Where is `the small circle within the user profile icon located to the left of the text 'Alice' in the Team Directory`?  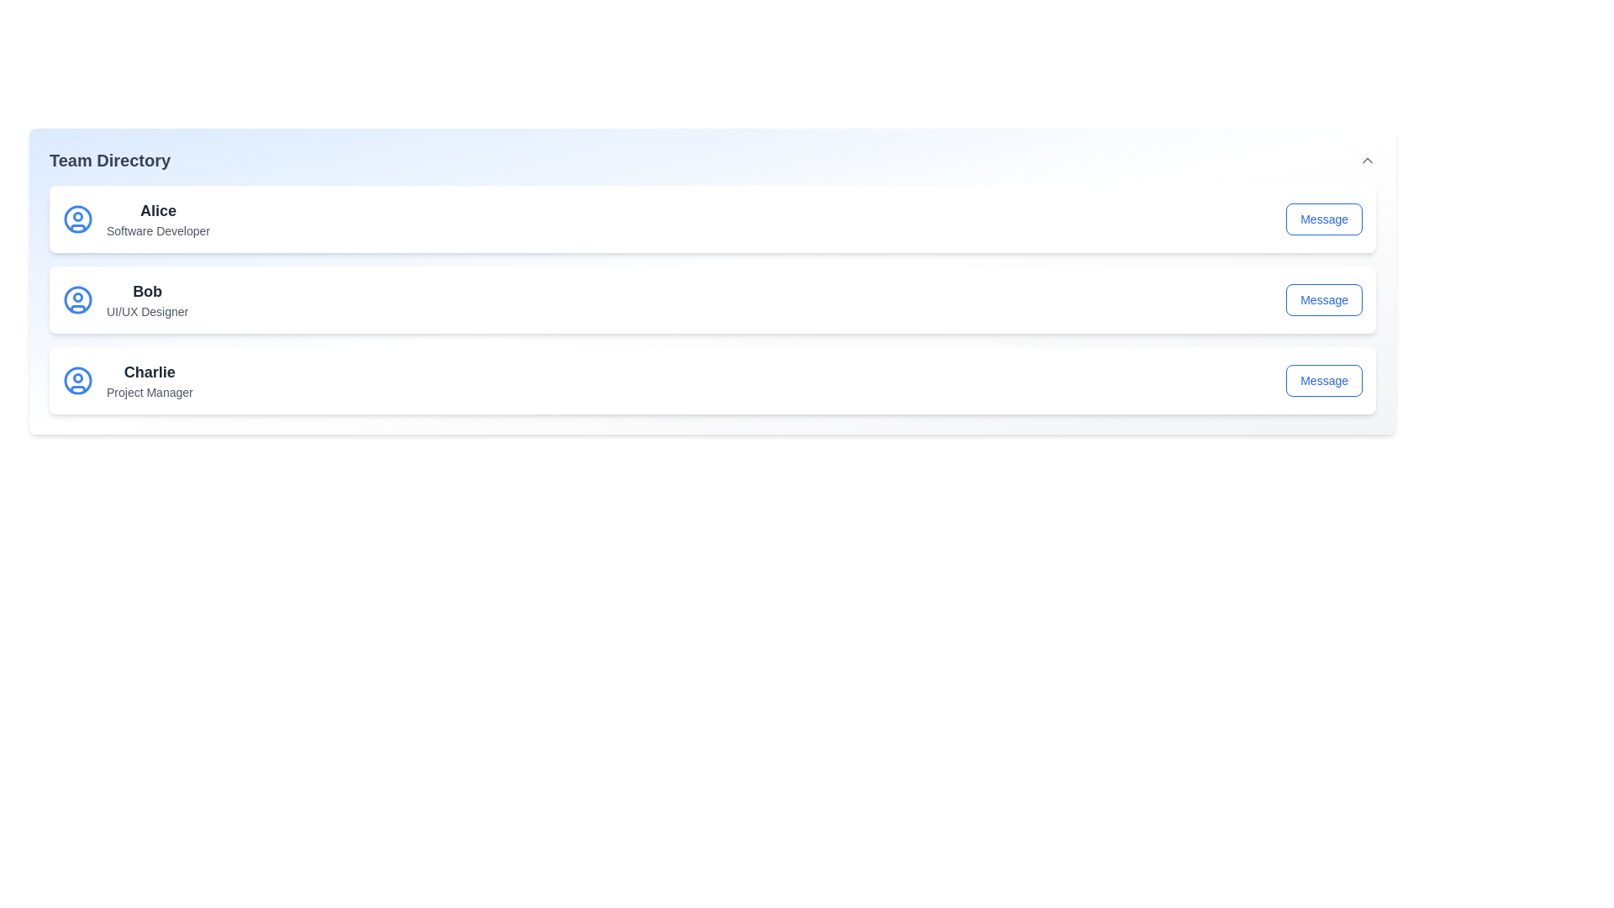 the small circle within the user profile icon located to the left of the text 'Alice' in the Team Directory is located at coordinates (76, 216).